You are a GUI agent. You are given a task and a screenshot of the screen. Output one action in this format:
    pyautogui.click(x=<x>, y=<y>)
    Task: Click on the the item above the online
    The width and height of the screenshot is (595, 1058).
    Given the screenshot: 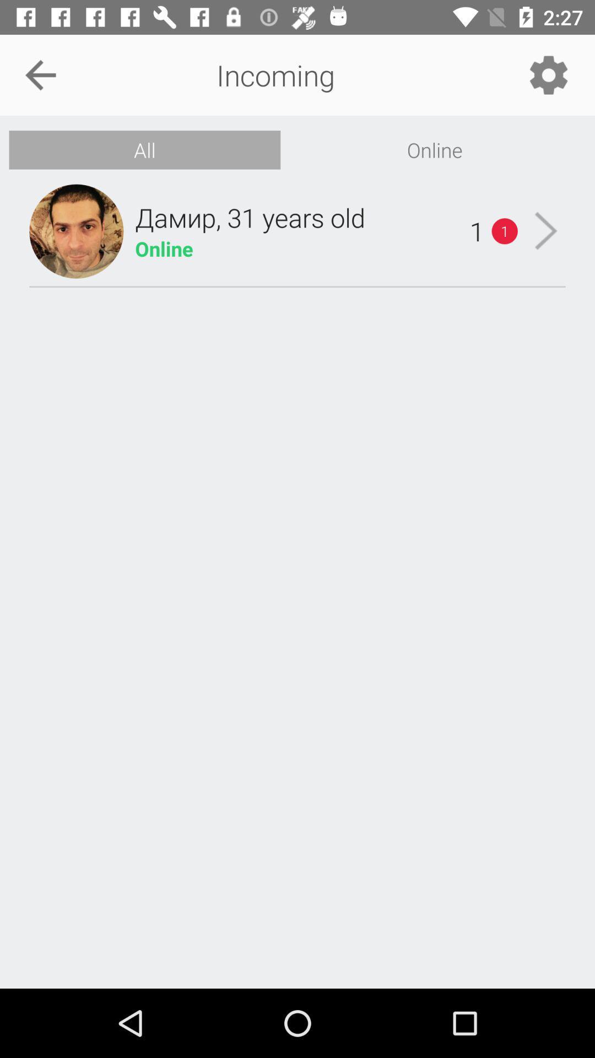 What is the action you would take?
    pyautogui.click(x=250, y=217)
    